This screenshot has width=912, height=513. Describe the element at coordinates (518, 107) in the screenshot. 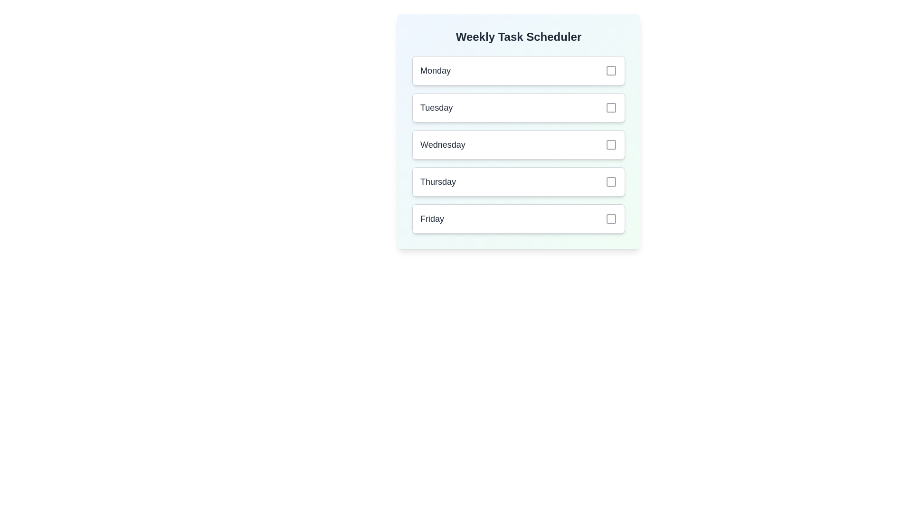

I see `the day Tuesday to view its details` at that location.